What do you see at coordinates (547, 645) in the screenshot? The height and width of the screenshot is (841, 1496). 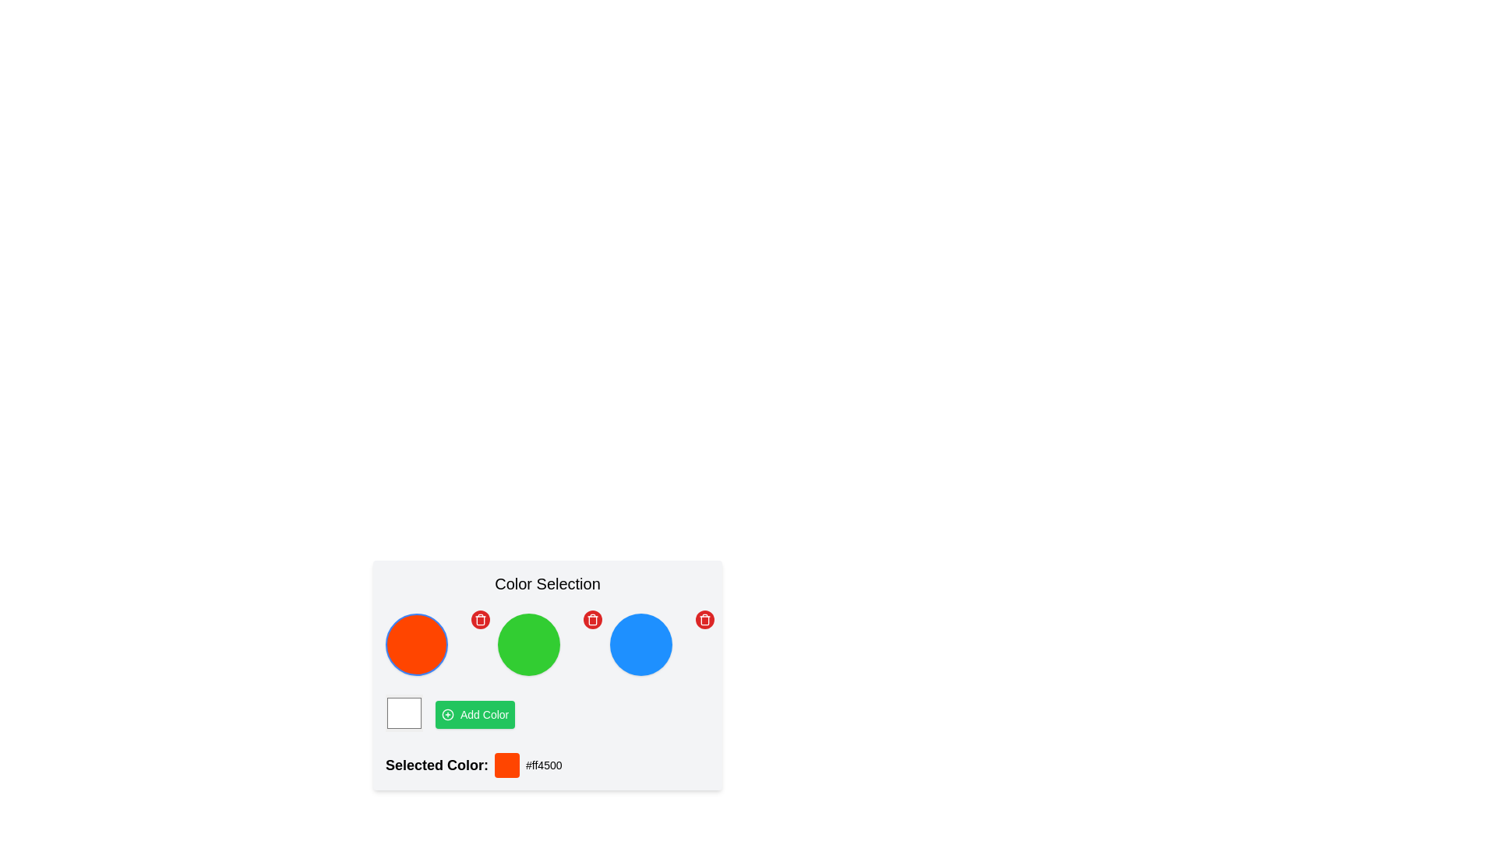 I see `the middle circular color option, which is green, under the 'Color Selection' title` at bounding box center [547, 645].